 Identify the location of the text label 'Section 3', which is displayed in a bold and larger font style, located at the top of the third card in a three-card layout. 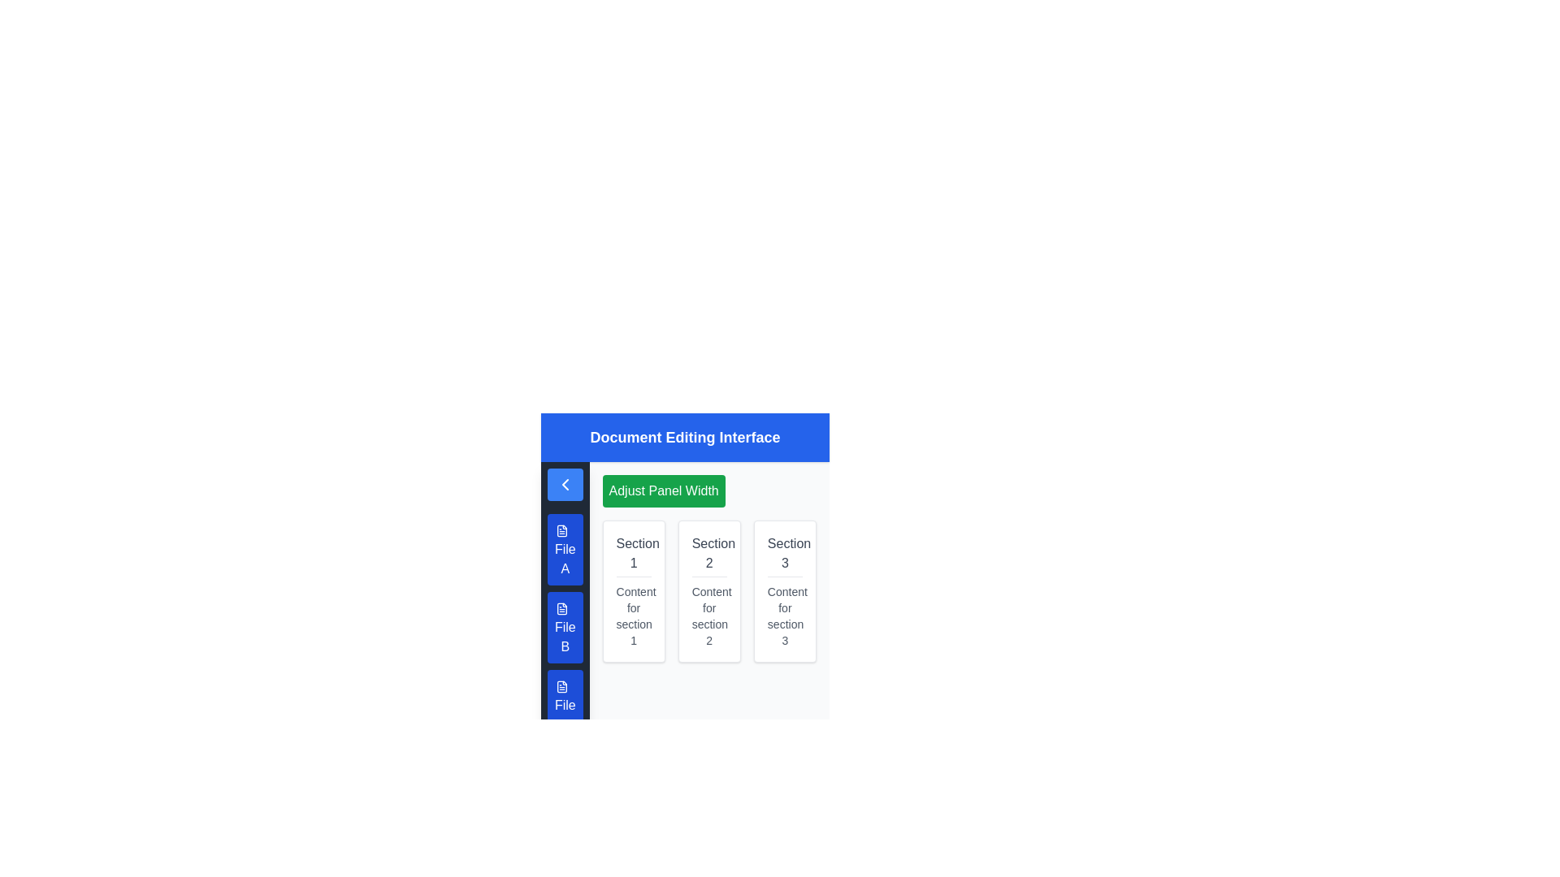
(785, 555).